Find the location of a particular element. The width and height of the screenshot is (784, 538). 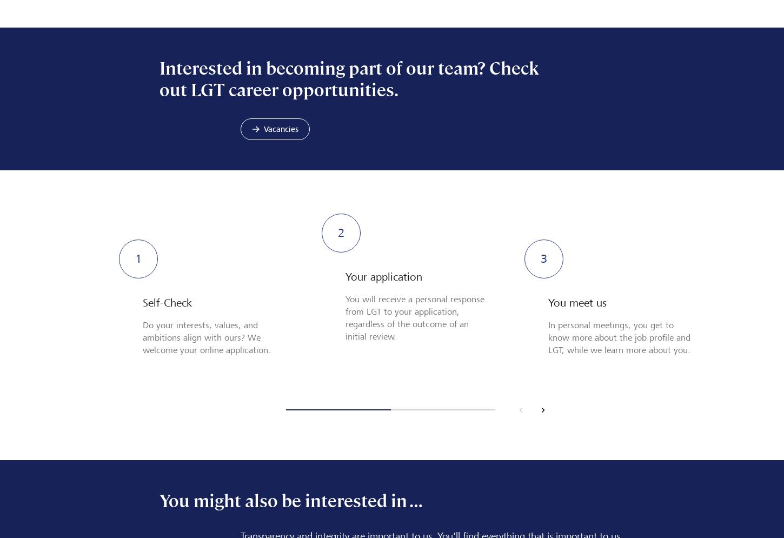

'Self-Check' is located at coordinates (143, 302).